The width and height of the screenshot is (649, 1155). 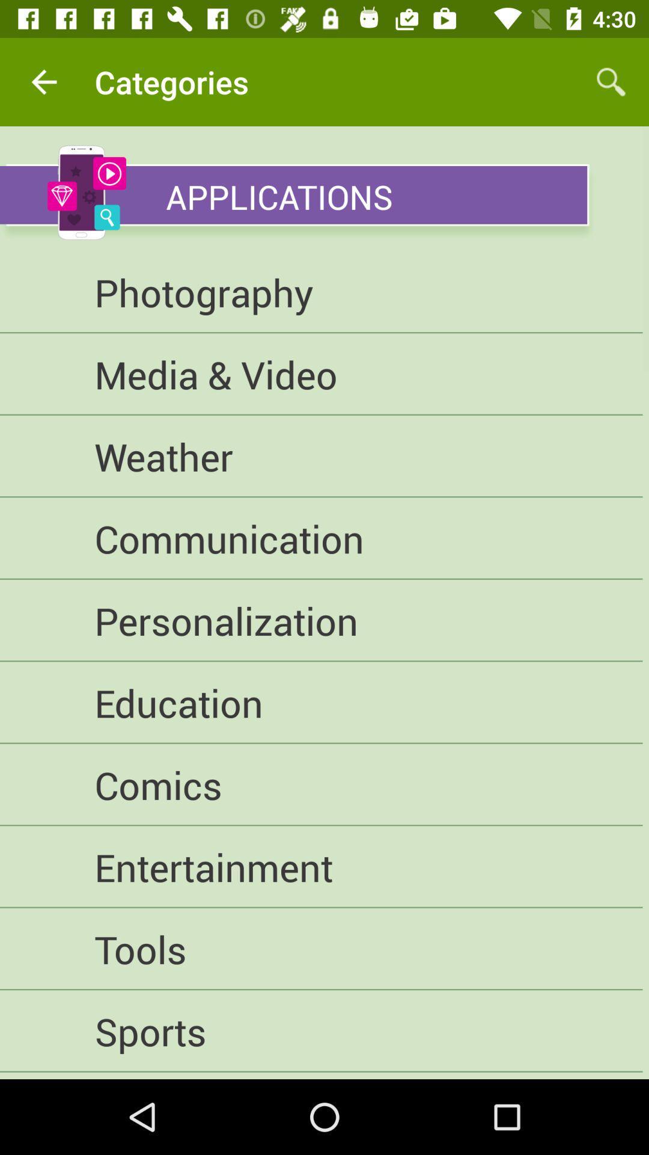 What do you see at coordinates (320, 867) in the screenshot?
I see `entertainment item` at bounding box center [320, 867].